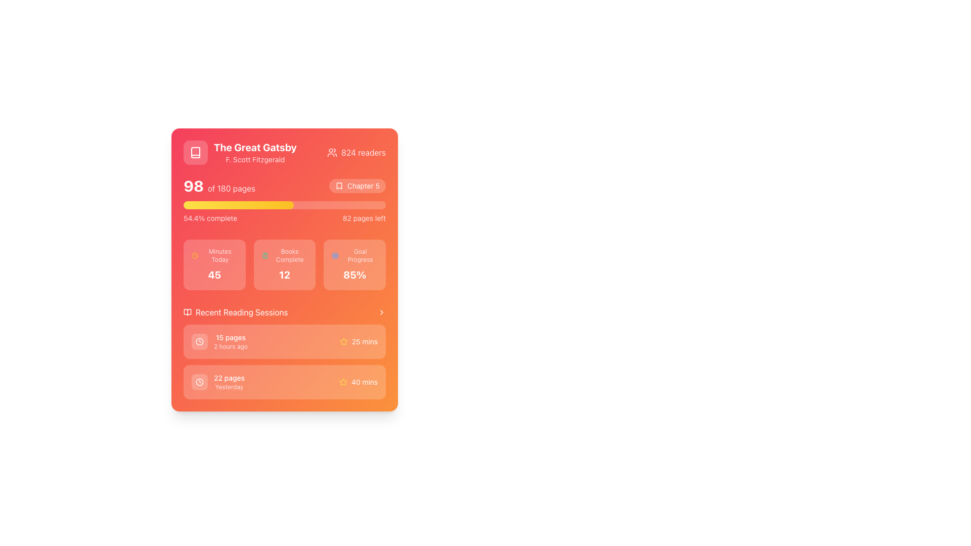 The height and width of the screenshot is (546, 971). What do you see at coordinates (339, 186) in the screenshot?
I see `the small bookmark SVG icon located inside the 'Chapter 5' badge, positioned to the left of the label 'Chapter 5'` at bounding box center [339, 186].